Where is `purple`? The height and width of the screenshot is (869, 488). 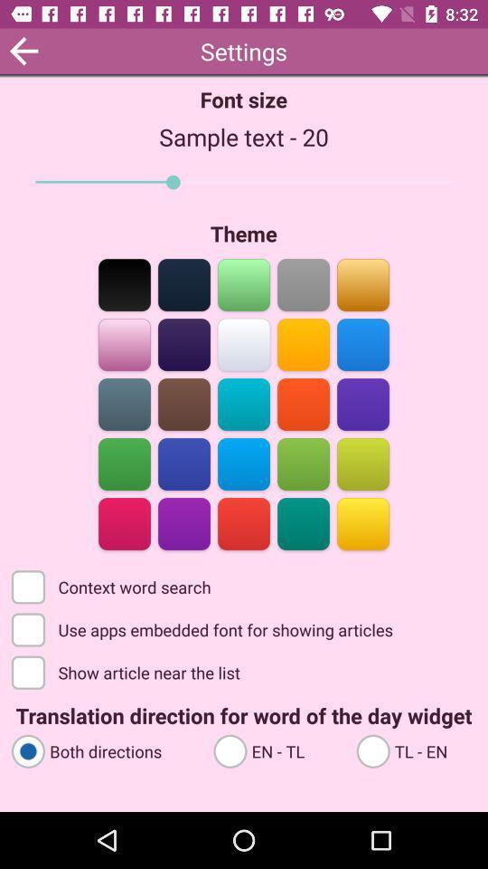 purple is located at coordinates (183, 342).